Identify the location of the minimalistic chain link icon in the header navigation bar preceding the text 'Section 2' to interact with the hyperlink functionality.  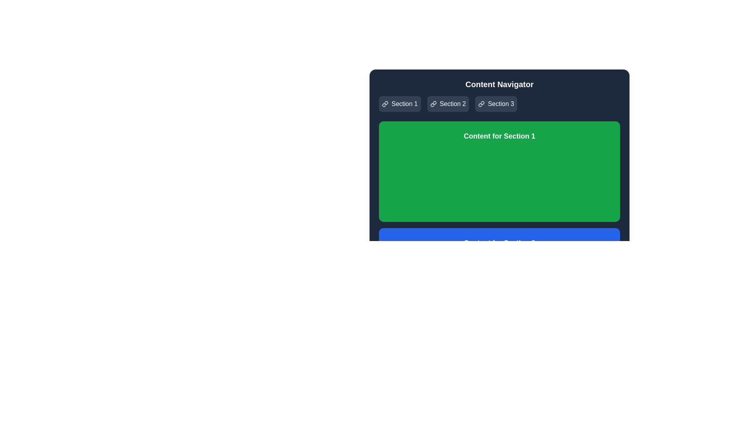
(433, 104).